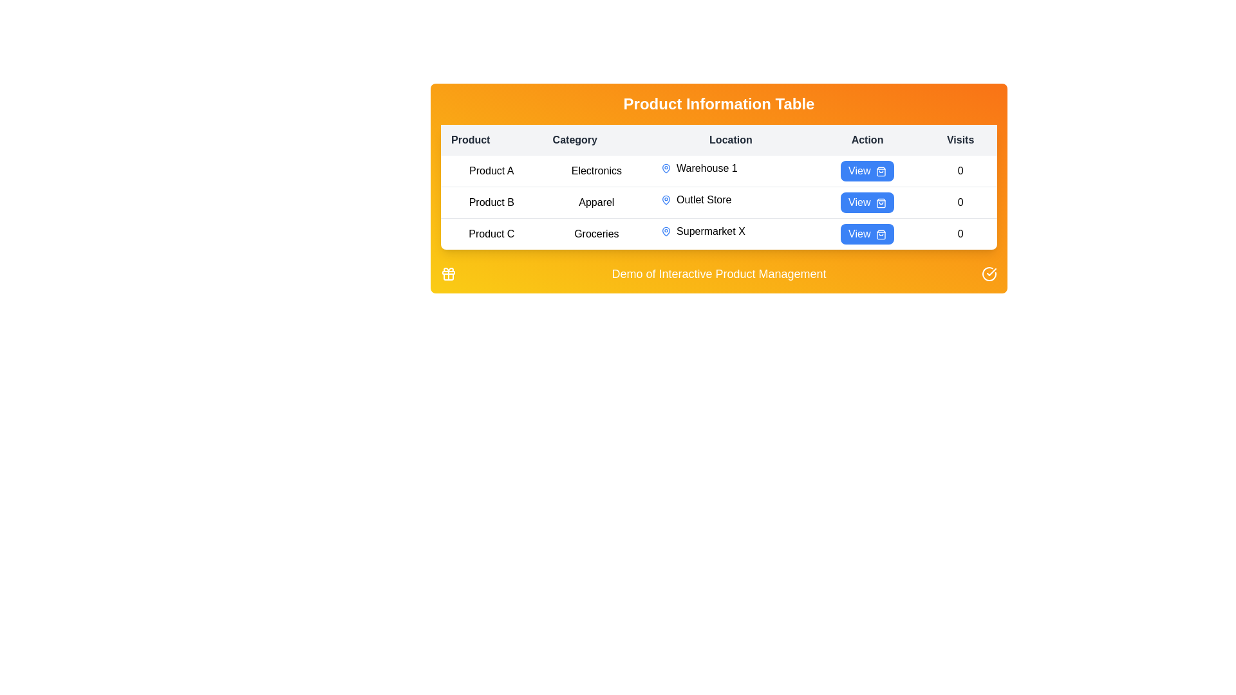 This screenshot has height=695, width=1236. I want to click on the first 'View' button in the 'Action' column of the 'Product Information Table' for 'Product A', so click(867, 171).